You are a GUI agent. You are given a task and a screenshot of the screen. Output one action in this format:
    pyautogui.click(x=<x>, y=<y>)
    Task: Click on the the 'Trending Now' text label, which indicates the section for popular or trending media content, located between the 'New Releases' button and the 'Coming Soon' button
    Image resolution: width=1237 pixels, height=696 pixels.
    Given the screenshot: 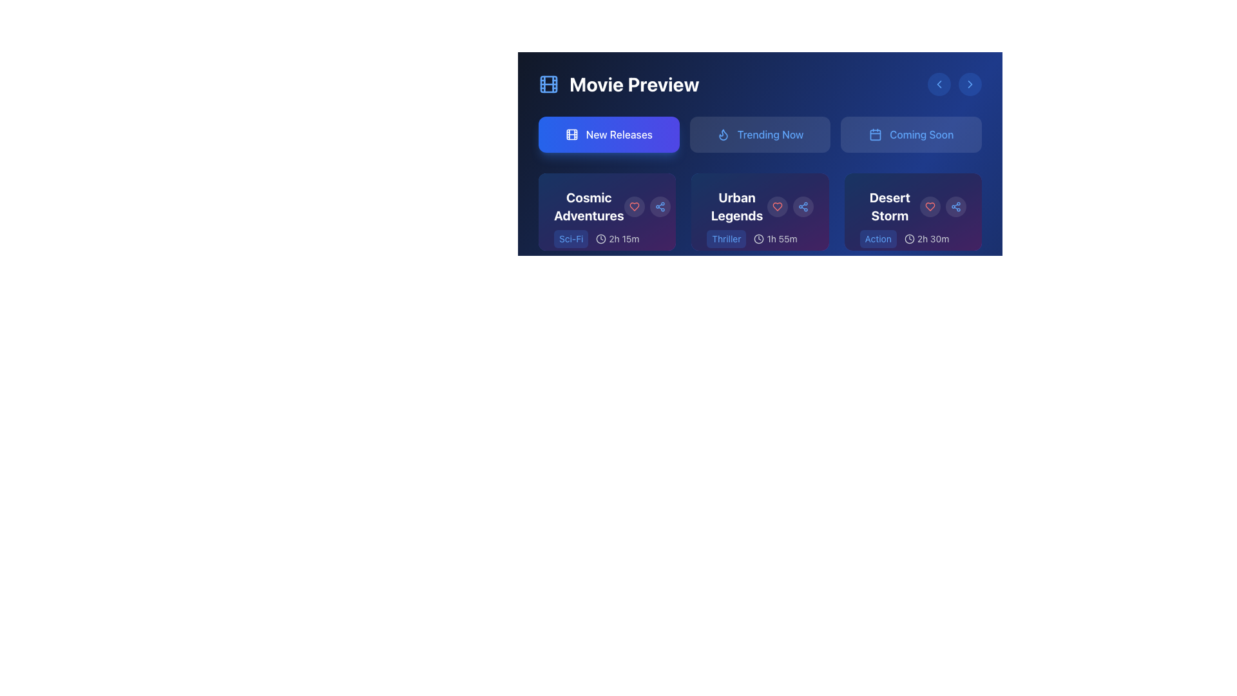 What is the action you would take?
    pyautogui.click(x=770, y=134)
    